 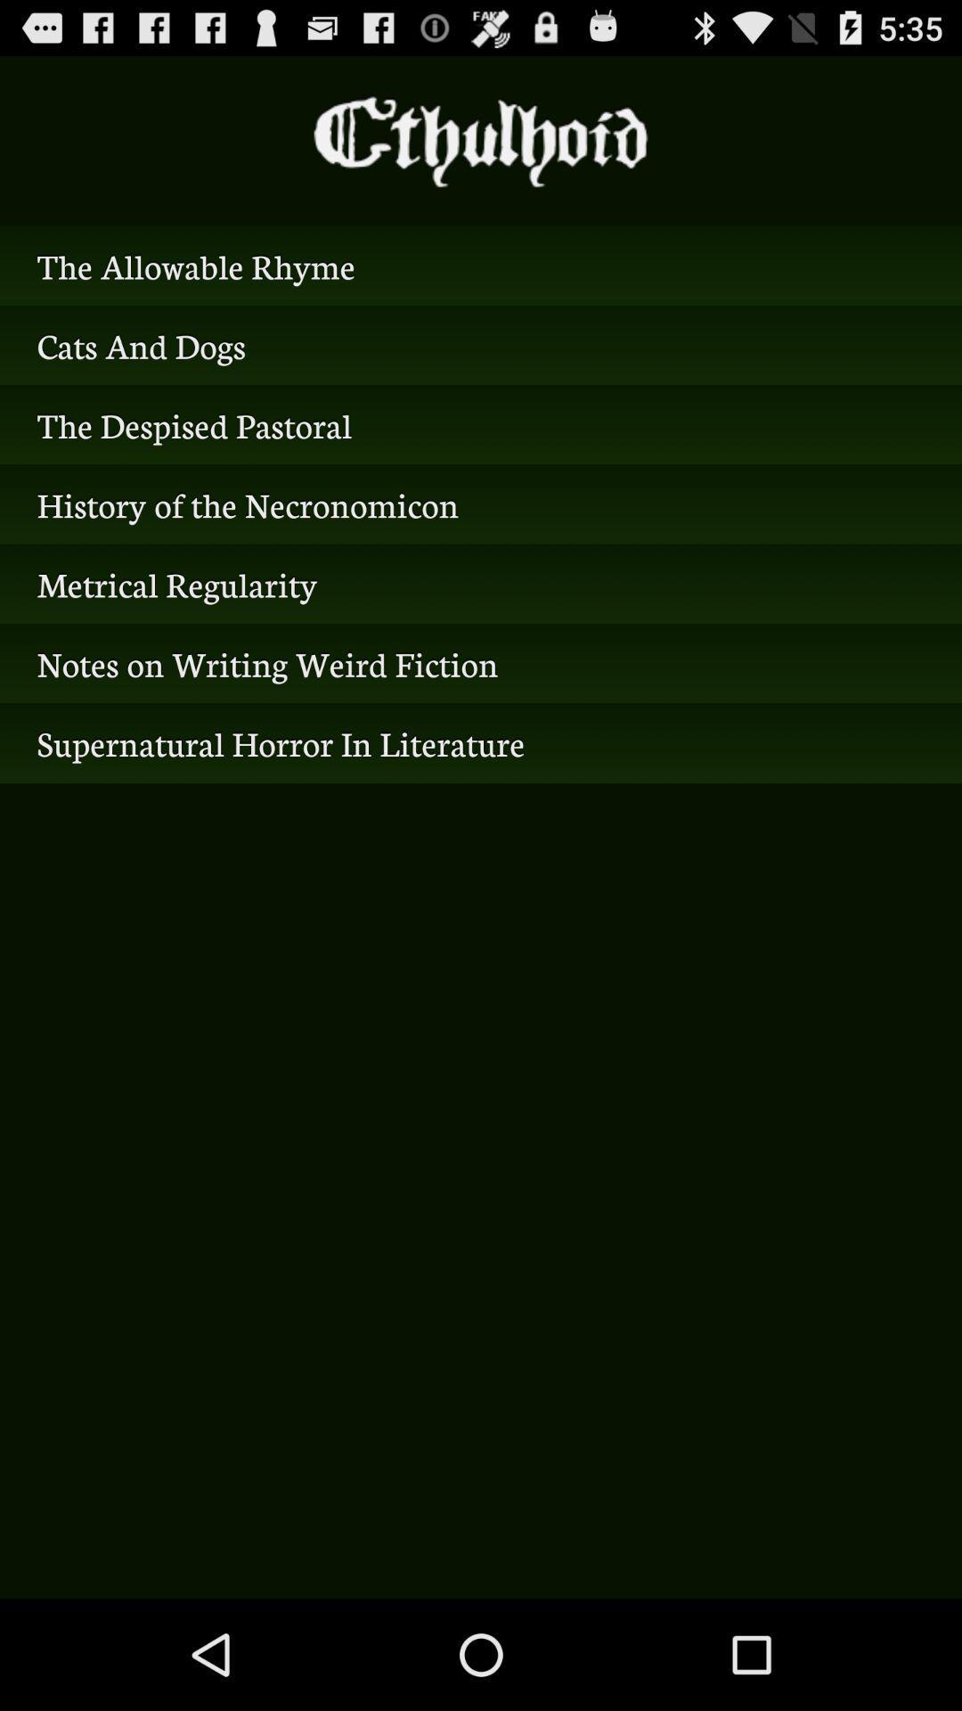 I want to click on item above cats and dogs icon, so click(x=481, y=265).